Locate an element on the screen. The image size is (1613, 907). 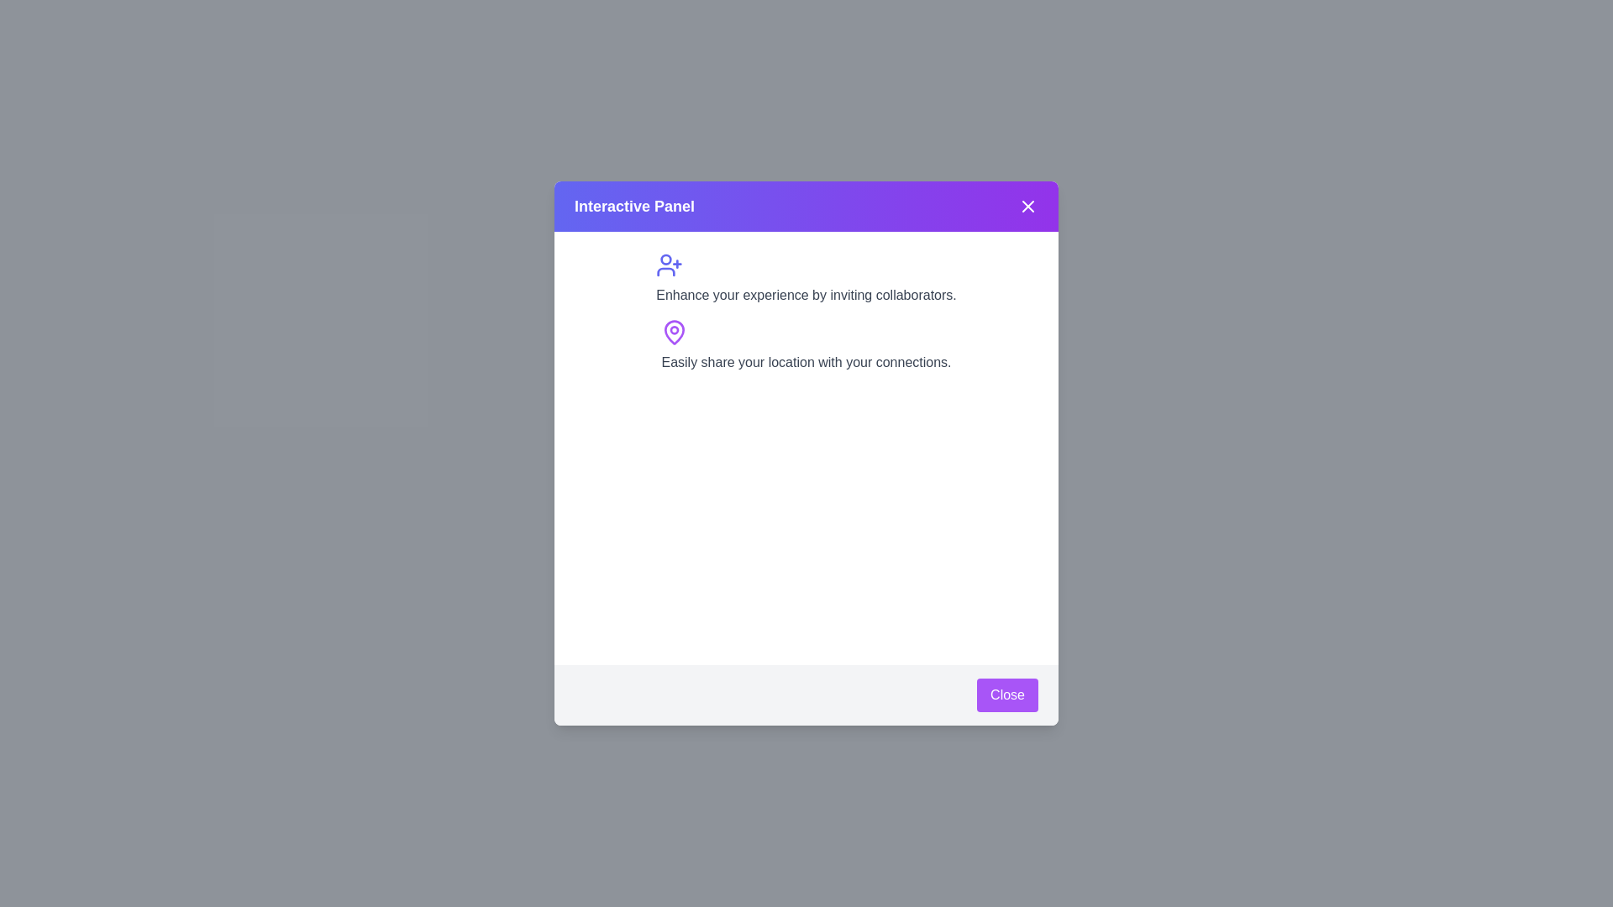
the Close or Dismiss Icon, which is a diagonal cross icon located in the top-right corner of the purple header bar labeled 'Interactive Panel' is located at coordinates (1027, 206).